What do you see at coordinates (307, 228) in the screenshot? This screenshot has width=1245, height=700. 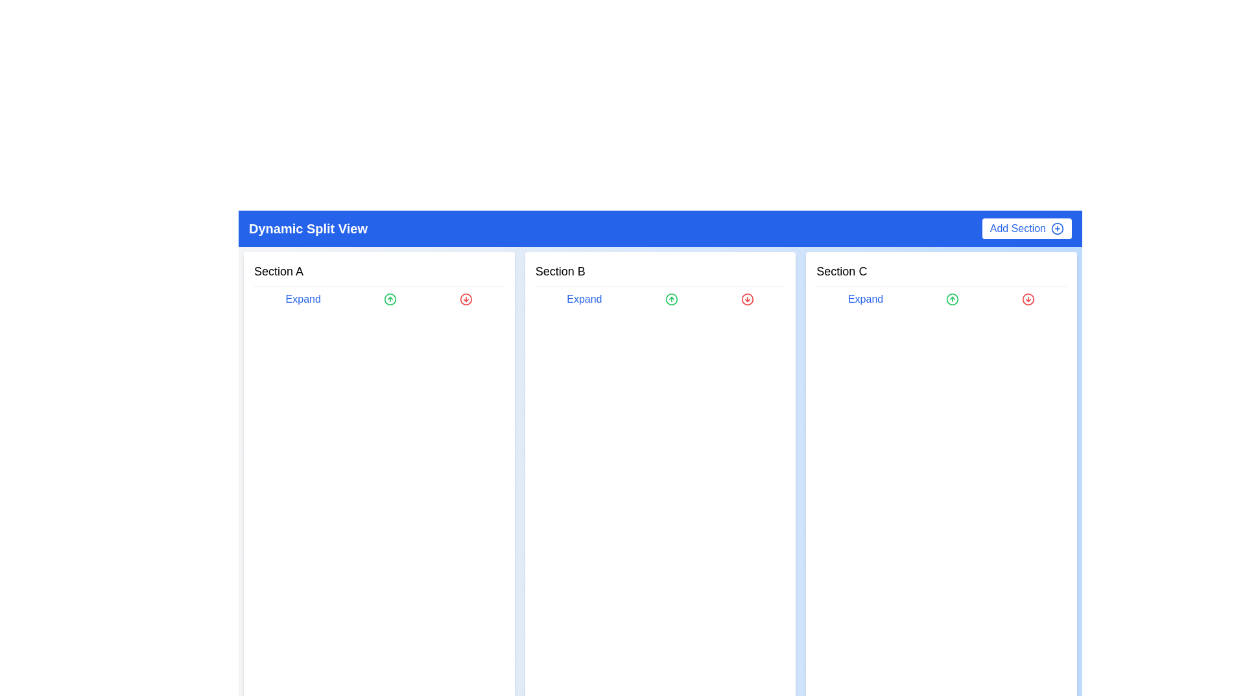 I see `the text label that reads 'Dynamic Split View', which is styled in bold and located in the blue background header at the top-left corner of the page` at bounding box center [307, 228].